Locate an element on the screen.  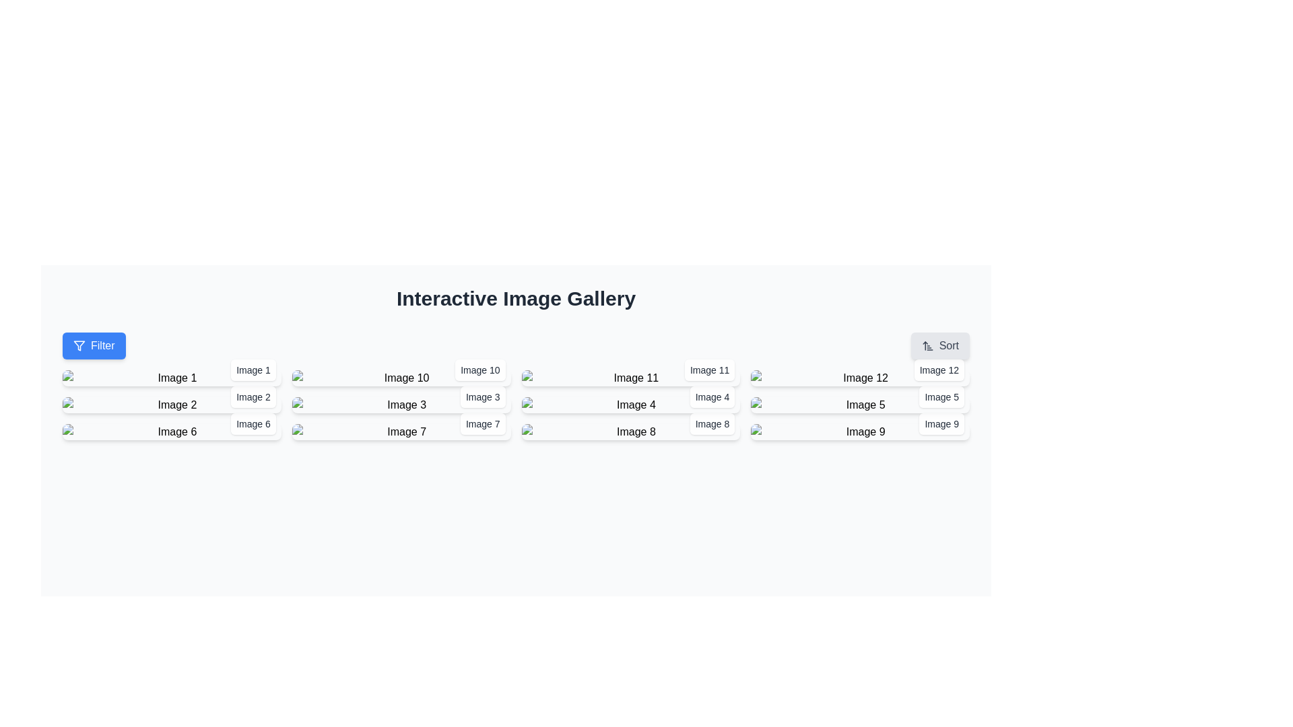
the text label that provides identification for the associated image in the second column of the image gallery grid, located below 'Image 2' and above 'Image 7' is located at coordinates (483, 396).